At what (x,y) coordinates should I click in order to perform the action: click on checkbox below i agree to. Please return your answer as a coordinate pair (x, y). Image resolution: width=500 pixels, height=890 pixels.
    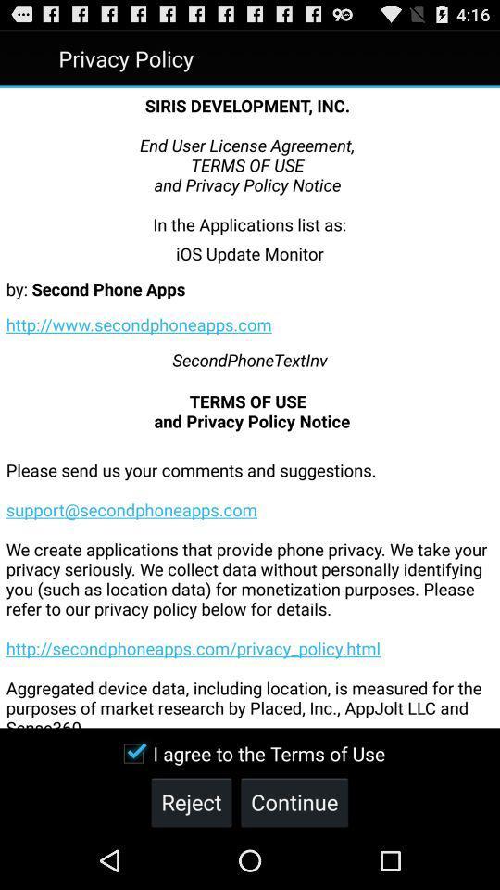
    Looking at the image, I should click on (190, 801).